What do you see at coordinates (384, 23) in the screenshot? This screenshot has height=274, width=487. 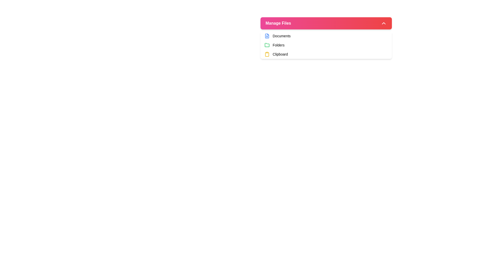 I see `the upward-pointing chevron icon button, which is styled with a rounded edge and appears in white within a red circular background, located at the far right of the 'Manage Files' section heading` at bounding box center [384, 23].